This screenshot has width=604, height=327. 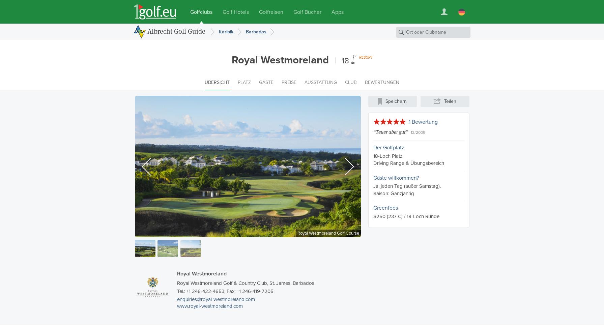 What do you see at coordinates (246, 31) in the screenshot?
I see `'Barbados'` at bounding box center [246, 31].